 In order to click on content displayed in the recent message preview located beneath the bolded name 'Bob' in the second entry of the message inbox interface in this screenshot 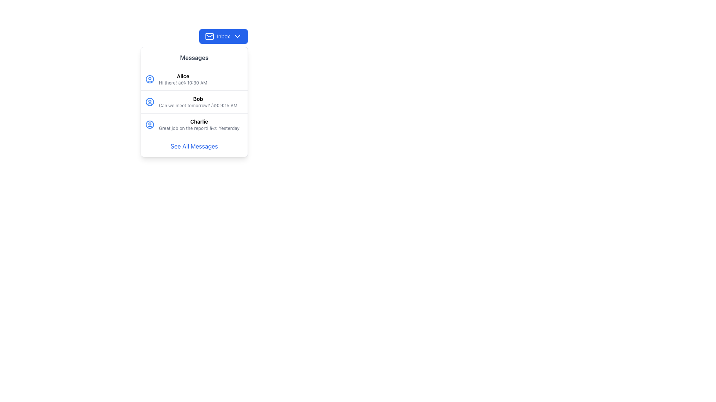, I will do `click(198, 106)`.